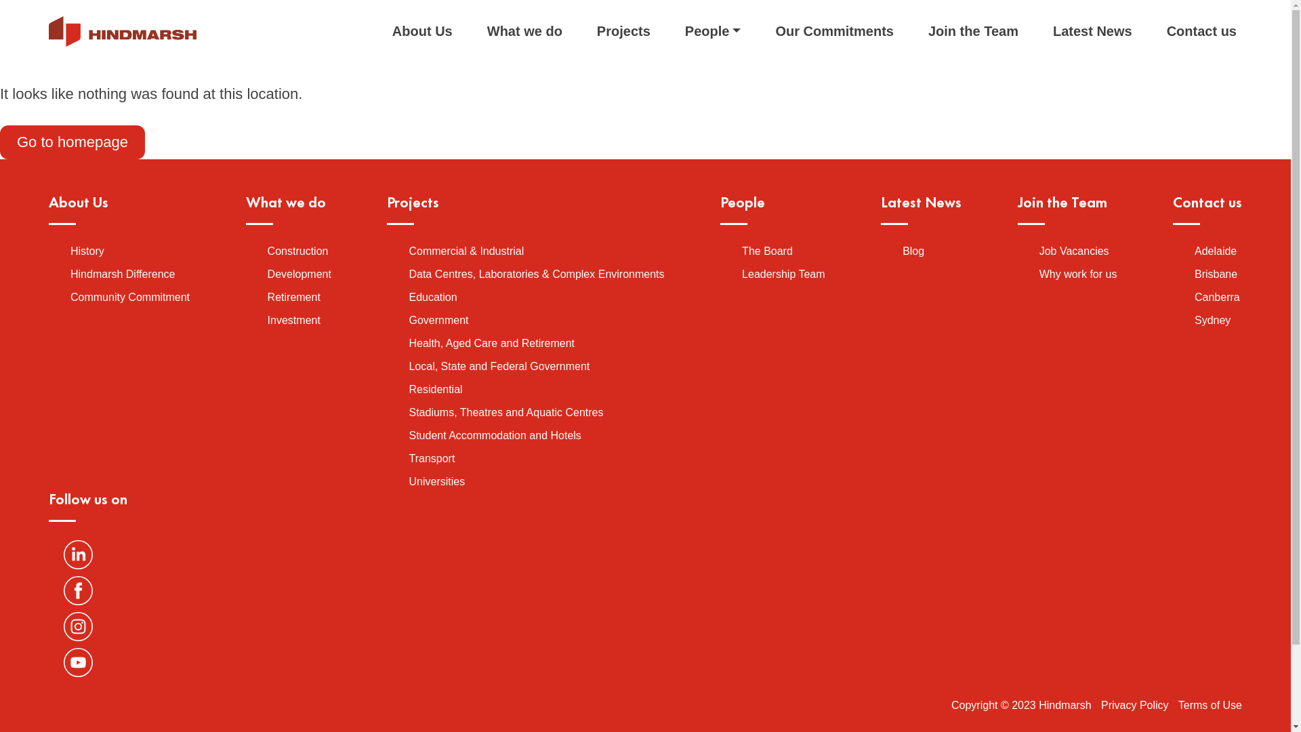 This screenshot has height=732, width=1301. I want to click on 'Student Accommodation and Hotels', so click(493, 435).